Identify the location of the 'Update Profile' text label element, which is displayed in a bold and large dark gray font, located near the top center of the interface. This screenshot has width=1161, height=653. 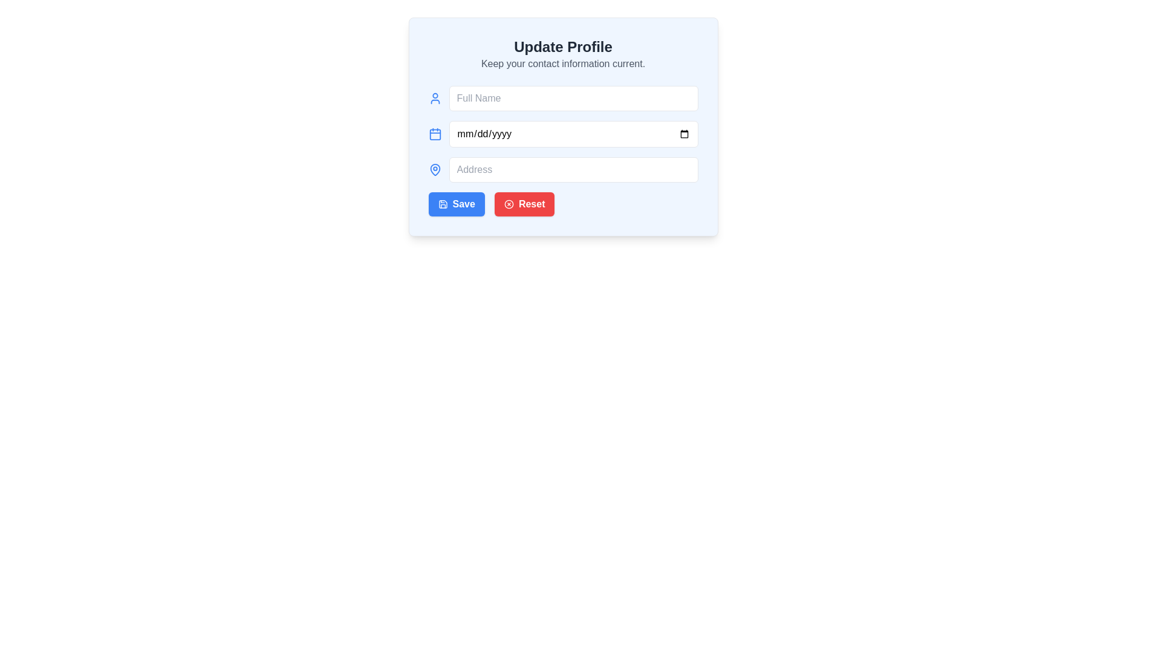
(562, 46).